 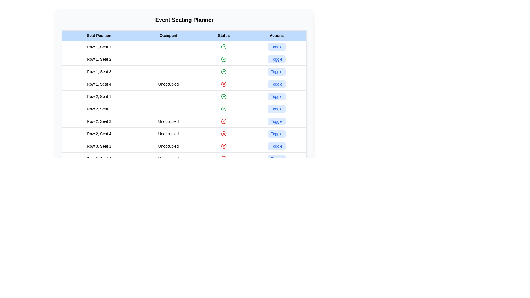 I want to click on the 'Toggle' button located in the 'Actions' column of the table under 'Event Seating Planner', which is styled with a light blue background and blue text, so click(x=277, y=46).